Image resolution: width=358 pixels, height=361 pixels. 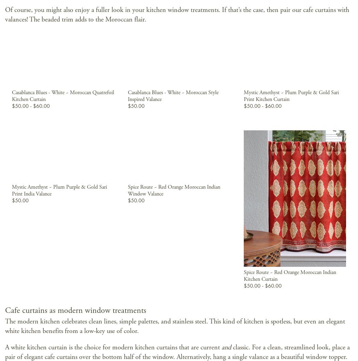 I want to click on 'Of course, you might also enjoy a fuller look in your kitchen window treatments. If that’s the case, then pair our cafe curtains with valances! The beaded trim adds to the Moroccan flair.', so click(x=177, y=14).